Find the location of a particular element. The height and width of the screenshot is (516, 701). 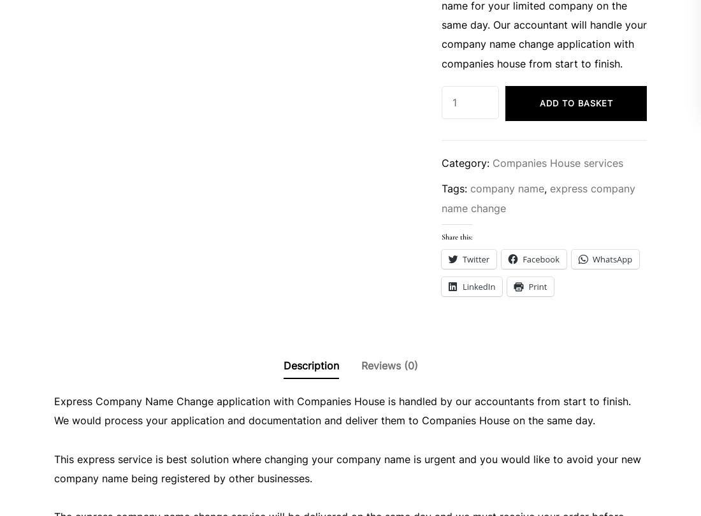

'Description' is located at coordinates (310, 365).